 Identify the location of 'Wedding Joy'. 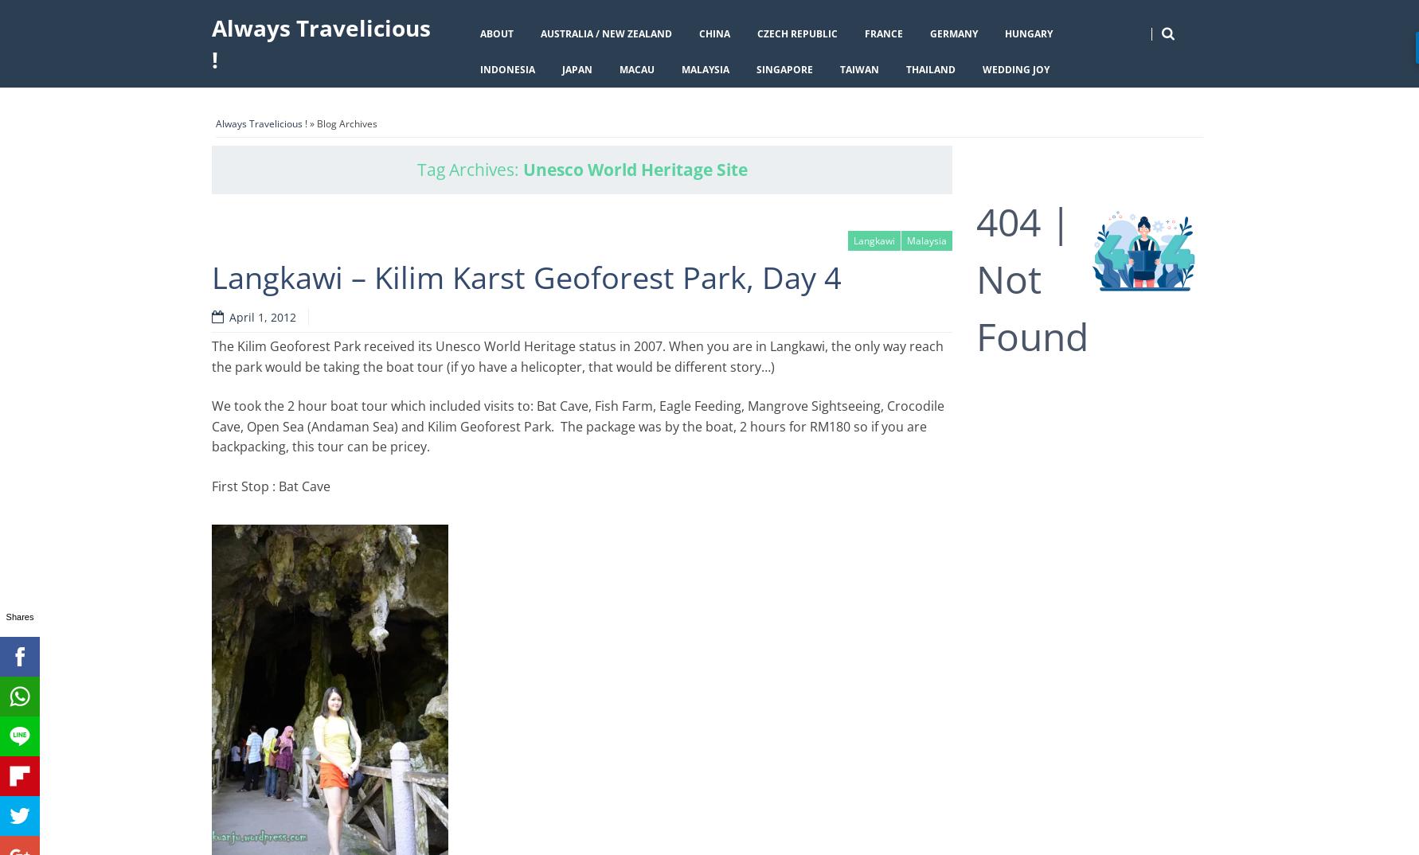
(1015, 68).